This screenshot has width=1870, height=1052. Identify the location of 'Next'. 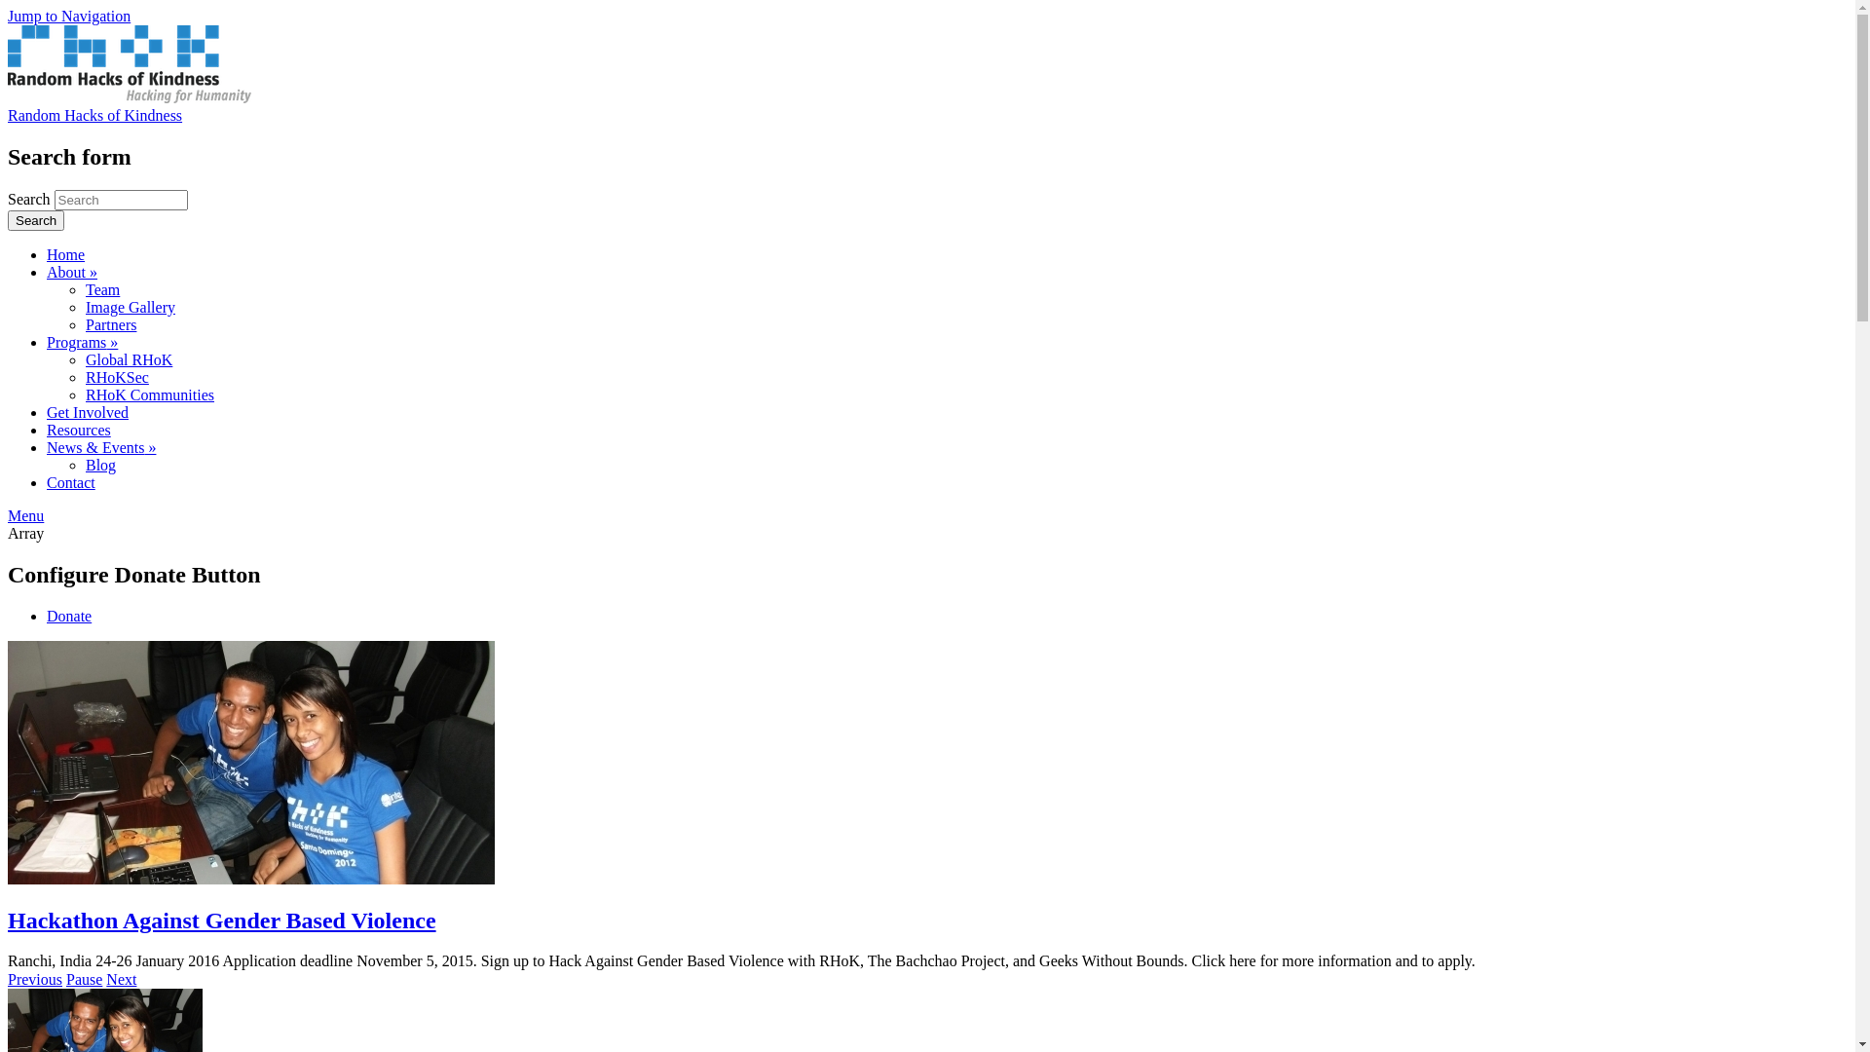
(120, 979).